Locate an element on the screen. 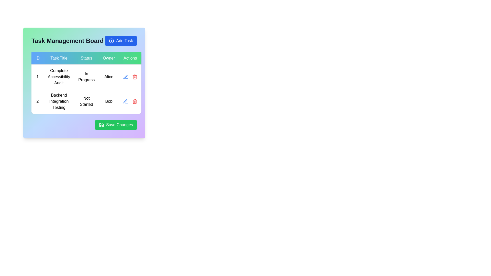 This screenshot has width=491, height=276. the 'Status' column header, which is the third header in a table, positioned between 'Task Title' and 'Owner' is located at coordinates (86, 58).